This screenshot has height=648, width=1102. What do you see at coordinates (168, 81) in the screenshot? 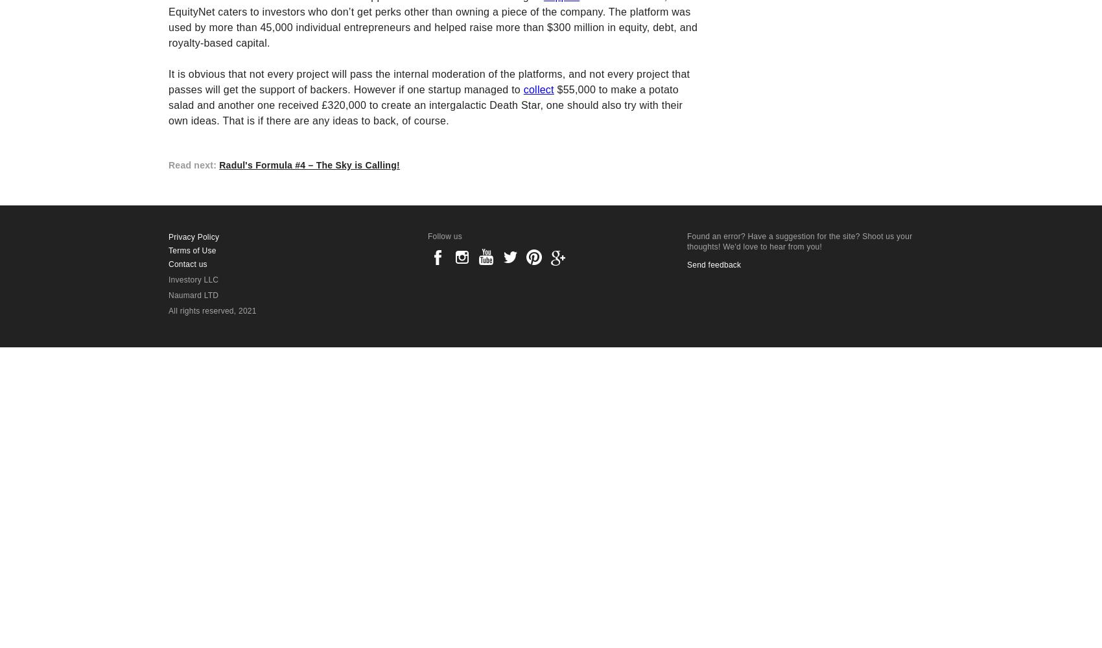
I see `'It is obvious that not every project will pass the internal moderation of the platforms, and not every project that passes will get the support of backers. However if one startup managed to'` at bounding box center [168, 81].